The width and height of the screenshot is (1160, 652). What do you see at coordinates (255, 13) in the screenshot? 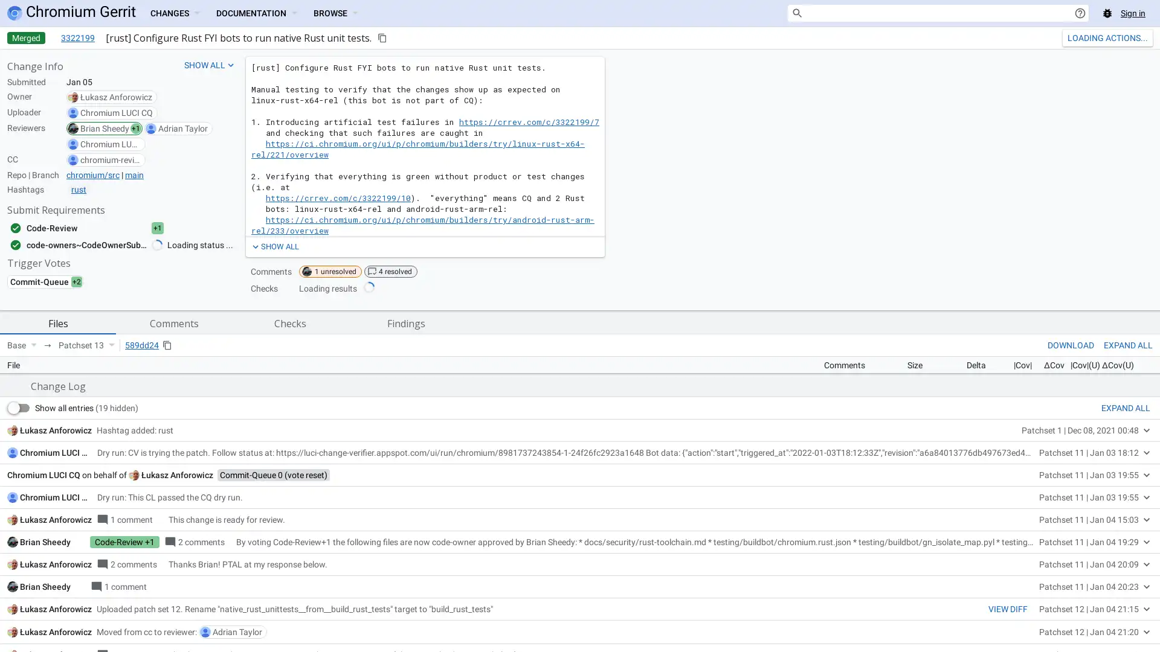
I see `DOCUMENTATION` at bounding box center [255, 13].